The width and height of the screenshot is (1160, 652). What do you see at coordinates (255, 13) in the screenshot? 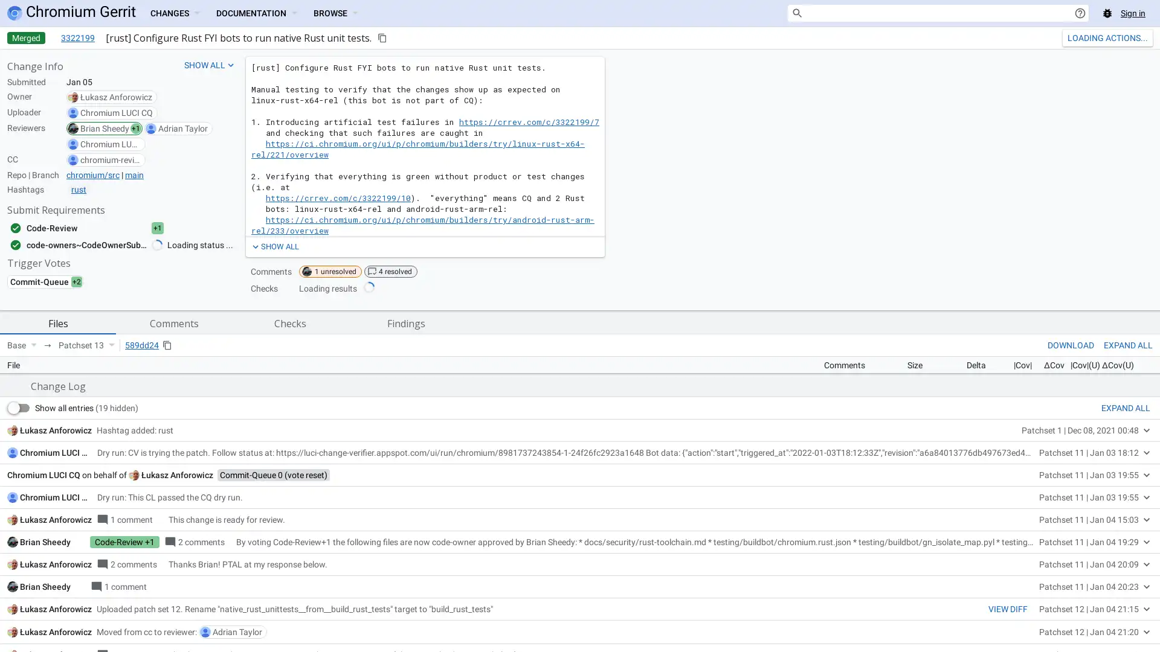
I see `DOCUMENTATION` at bounding box center [255, 13].